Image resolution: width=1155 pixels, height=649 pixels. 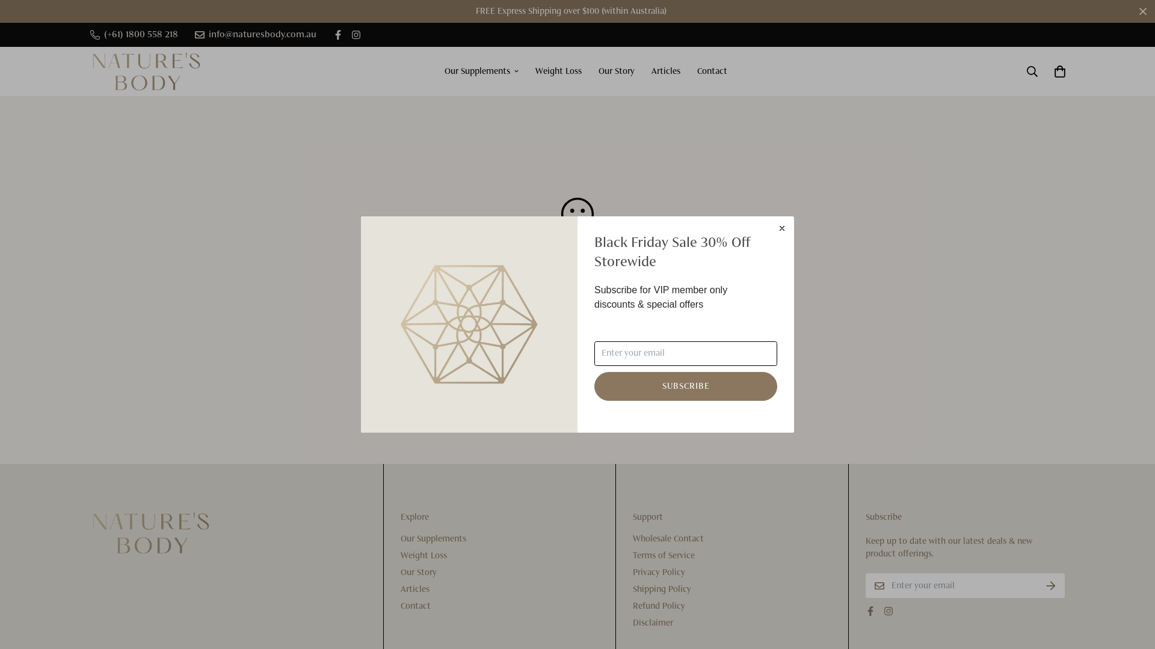 I want to click on 'Weight Loss', so click(x=423, y=556).